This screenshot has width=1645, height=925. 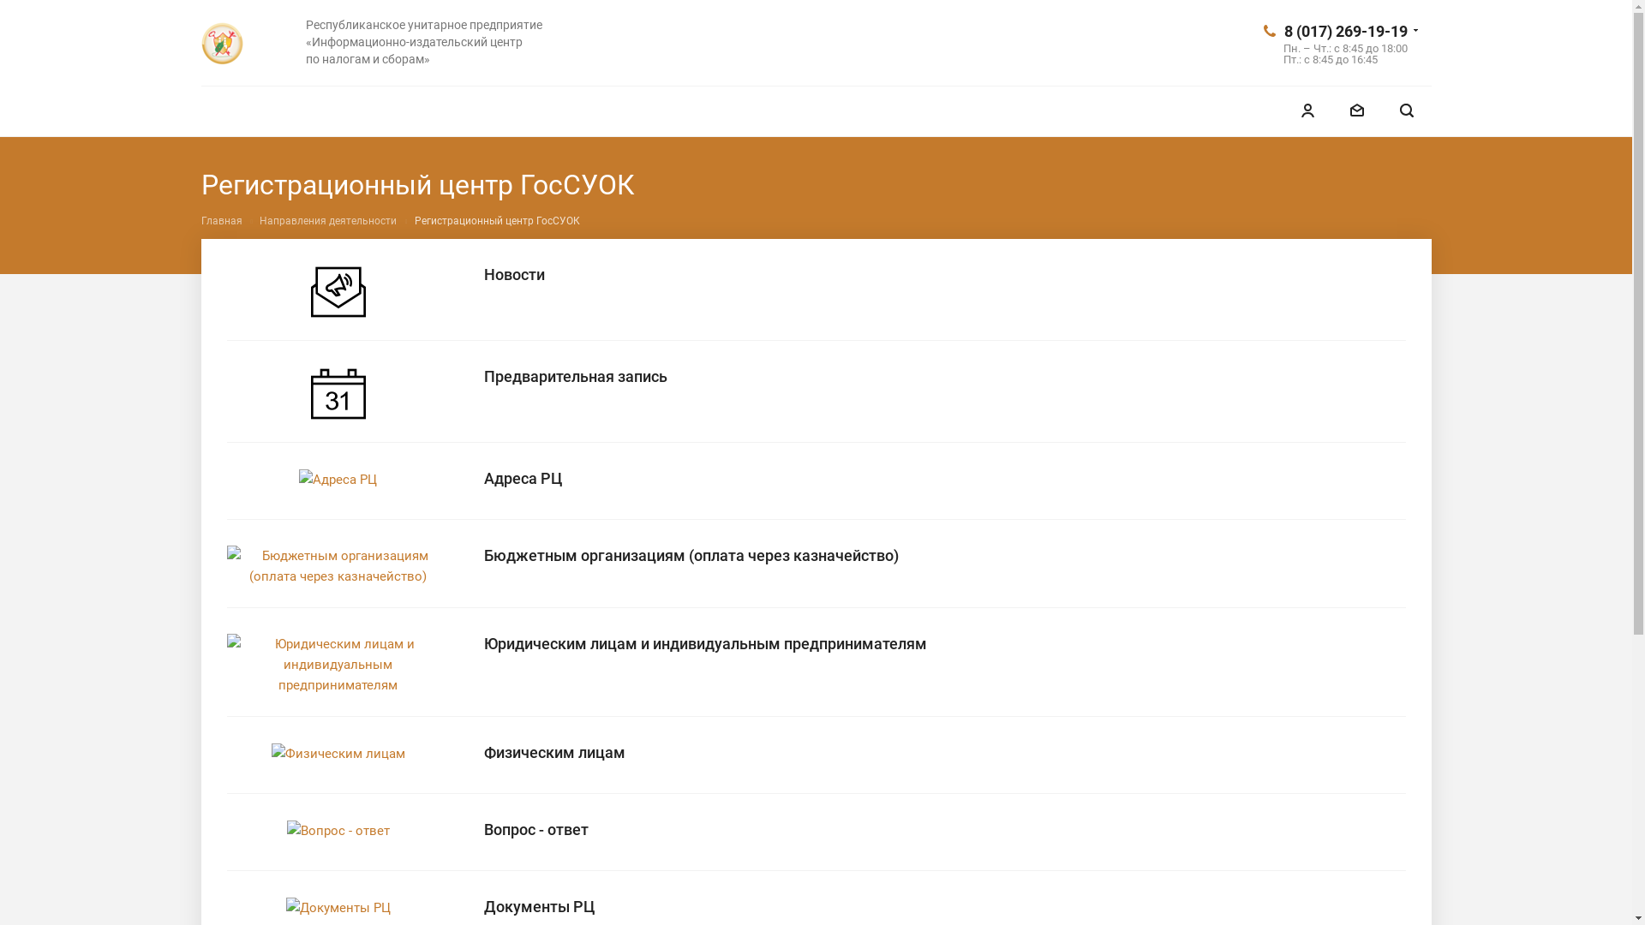 What do you see at coordinates (1343, 31) in the screenshot?
I see `'8 (017) 269-19-19'` at bounding box center [1343, 31].